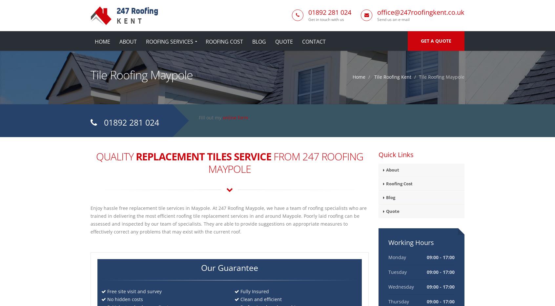 The image size is (555, 306). Describe the element at coordinates (421, 12) in the screenshot. I see `'office@247roofingkent.co.uk'` at that location.